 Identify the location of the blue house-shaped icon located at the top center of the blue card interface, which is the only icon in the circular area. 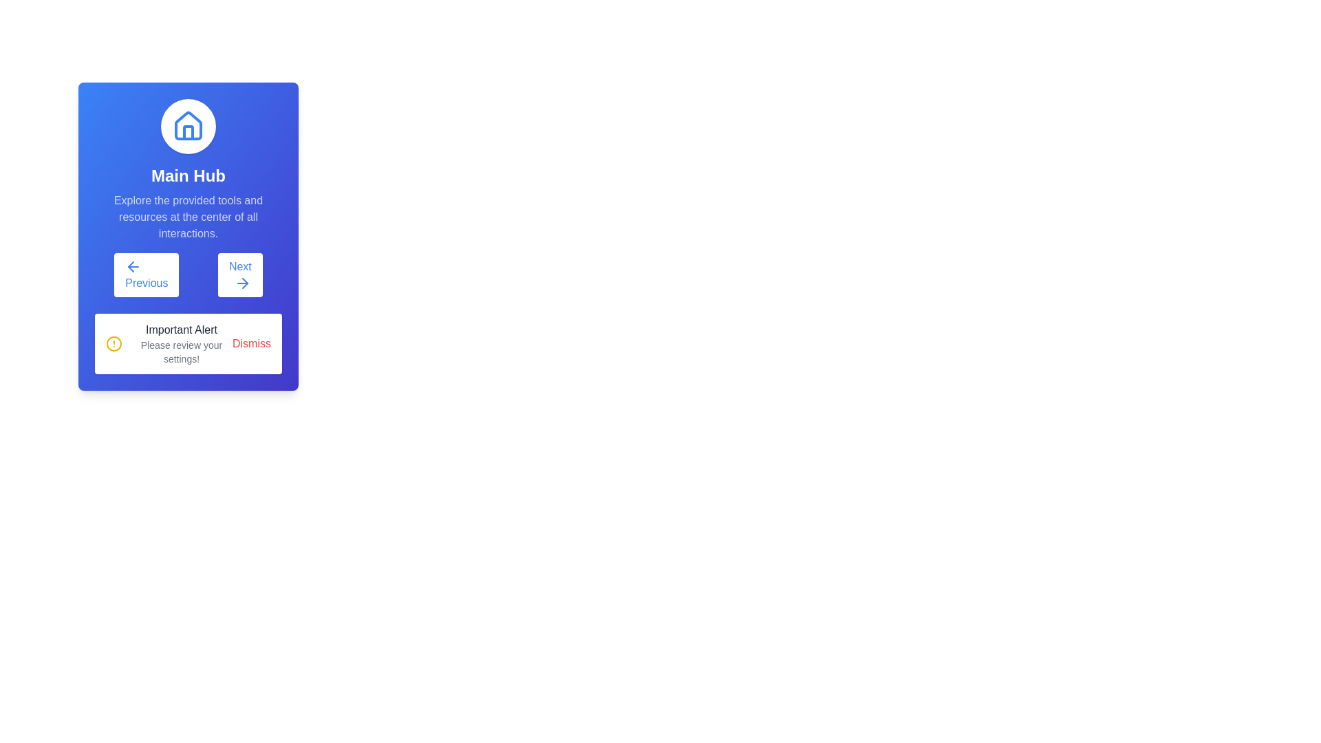
(187, 127).